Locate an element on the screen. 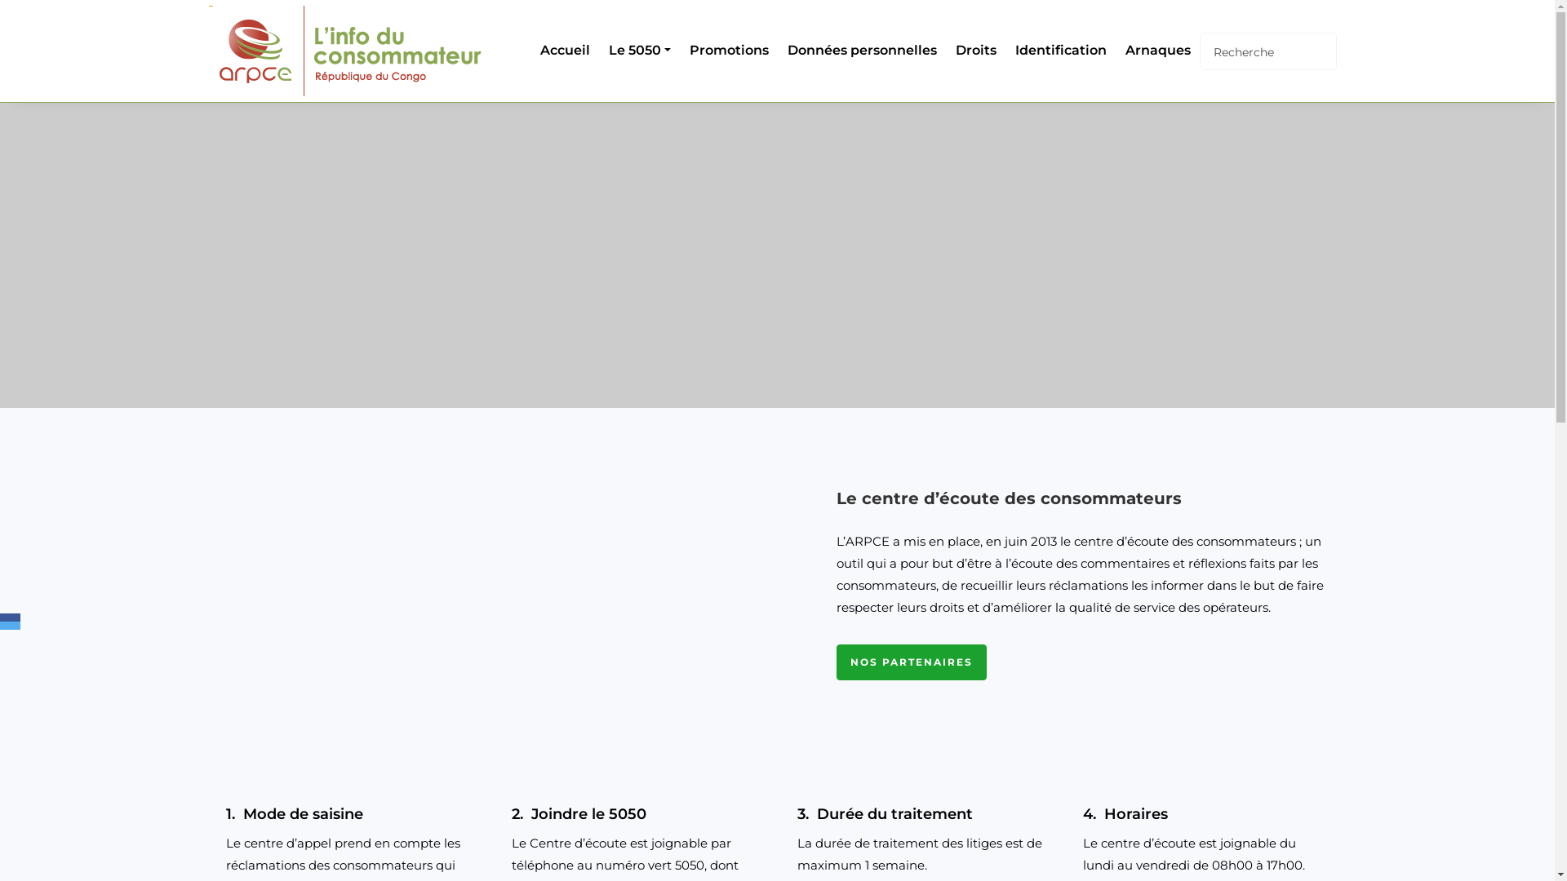  '4.  Horaires' is located at coordinates (1205, 814).